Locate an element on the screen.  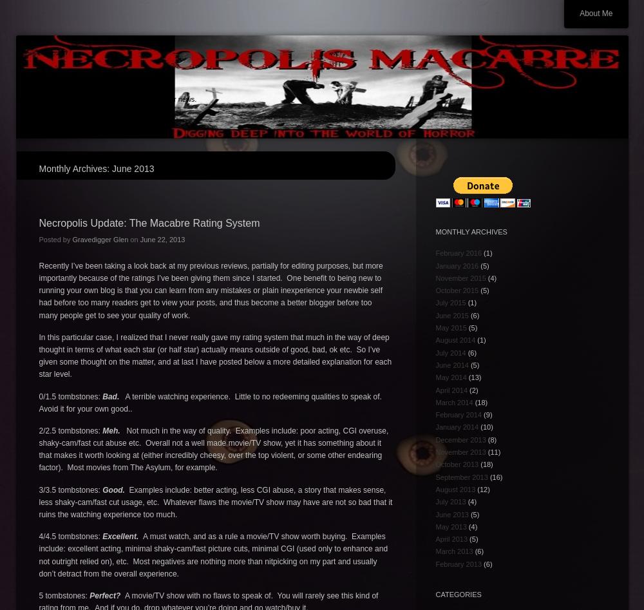
'Recently I’ve been taking a look back at my previous reviews, partially for editing purposes, but more importantly because of the ratings I’ve been giving them since I started.  One benefit to being new to running your own blog is that you can learn from any mistakes or plain inexperience your newbie self had before too many readers get to view your posts, and thus become a better blogger before too many people get to see your quality of work.' is located at coordinates (210, 290).